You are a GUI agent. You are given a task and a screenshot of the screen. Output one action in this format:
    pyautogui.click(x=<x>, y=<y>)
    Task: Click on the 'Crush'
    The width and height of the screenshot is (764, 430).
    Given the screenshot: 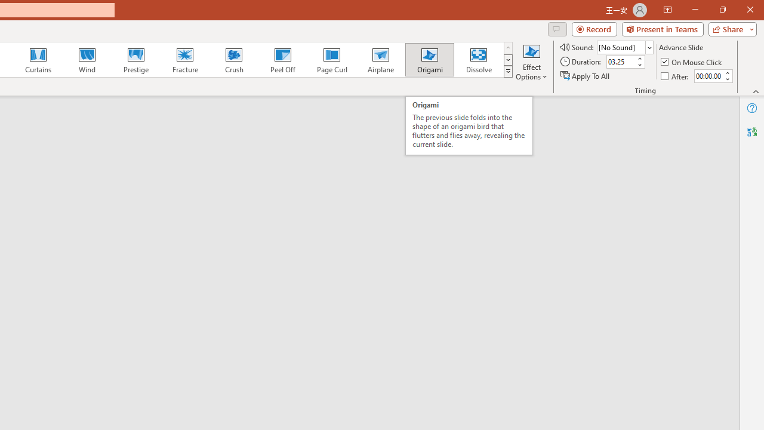 What is the action you would take?
    pyautogui.click(x=233, y=60)
    